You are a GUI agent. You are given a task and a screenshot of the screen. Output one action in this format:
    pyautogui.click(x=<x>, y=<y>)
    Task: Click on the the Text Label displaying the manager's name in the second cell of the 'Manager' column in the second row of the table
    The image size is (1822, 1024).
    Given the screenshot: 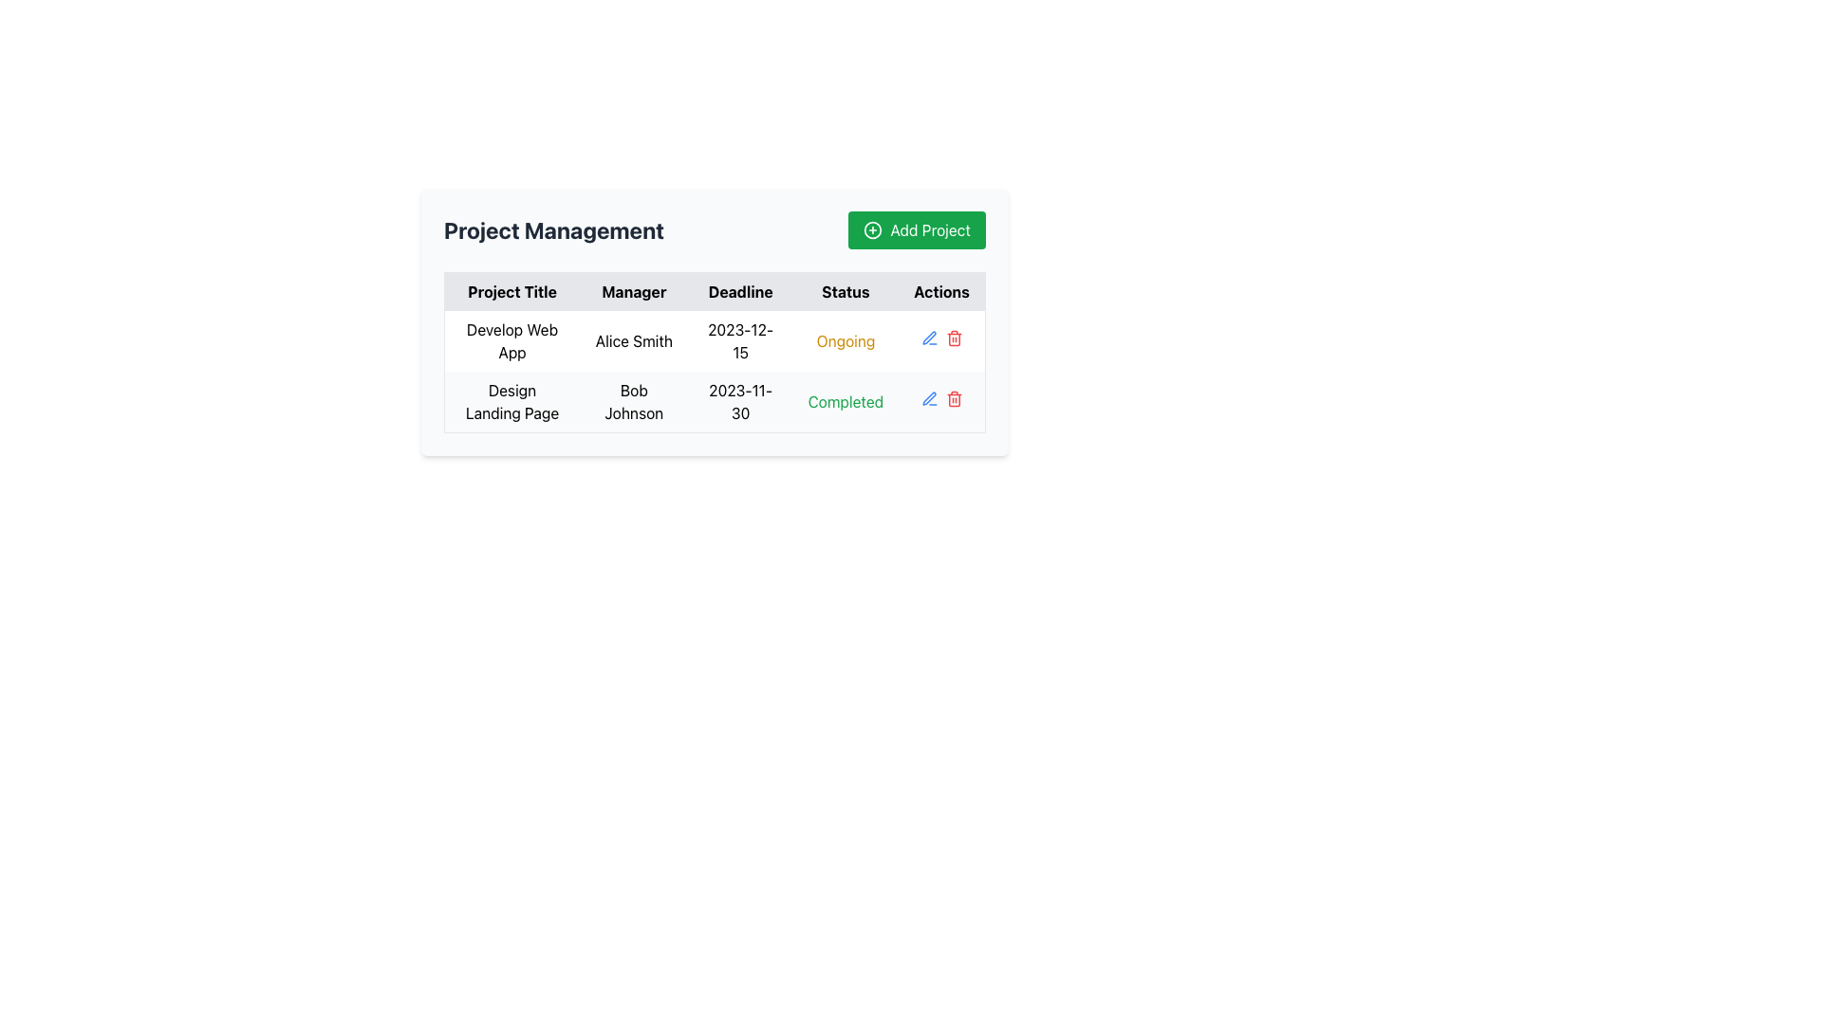 What is the action you would take?
    pyautogui.click(x=634, y=401)
    